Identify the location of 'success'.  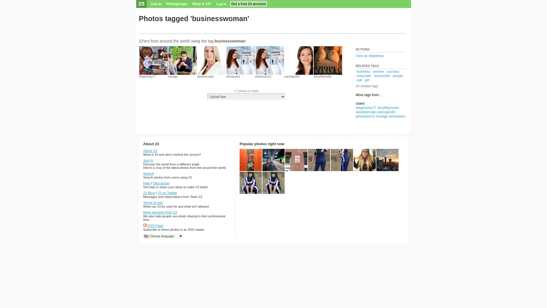
(393, 71).